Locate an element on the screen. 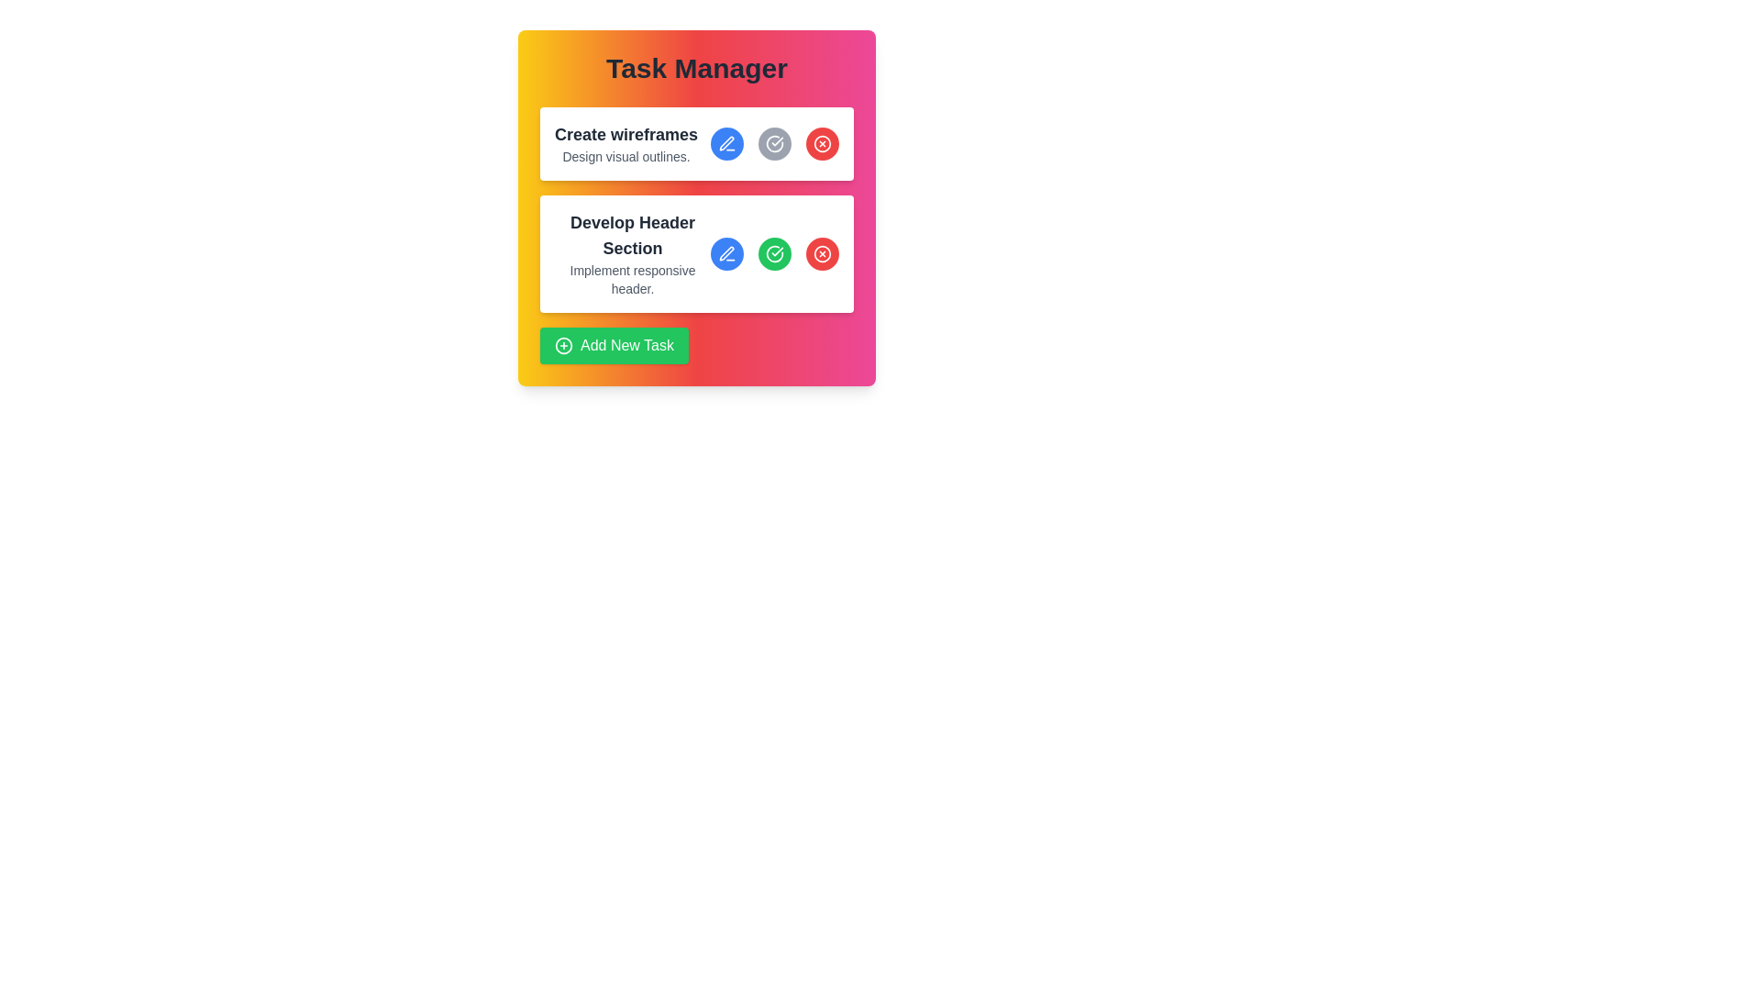 This screenshot has height=991, width=1761. delete icon located within the rightmost red circular button of the 'Develop Header Section' task row to view its properties is located at coordinates (822, 254).